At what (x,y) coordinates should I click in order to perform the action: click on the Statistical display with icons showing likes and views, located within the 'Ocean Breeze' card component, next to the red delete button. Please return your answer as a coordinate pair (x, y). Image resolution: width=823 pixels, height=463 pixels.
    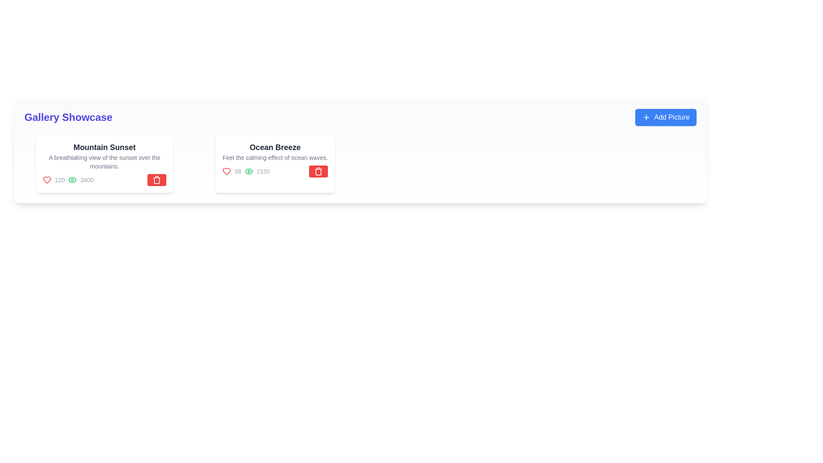
    Looking at the image, I should click on (275, 171).